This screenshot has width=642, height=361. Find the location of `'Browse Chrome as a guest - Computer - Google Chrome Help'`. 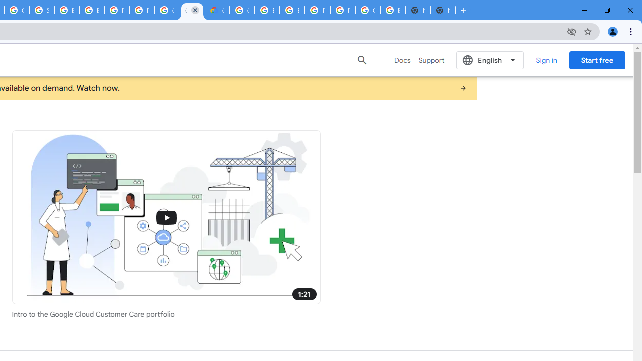

'Browse Chrome as a guest - Computer - Google Chrome Help' is located at coordinates (292, 10).